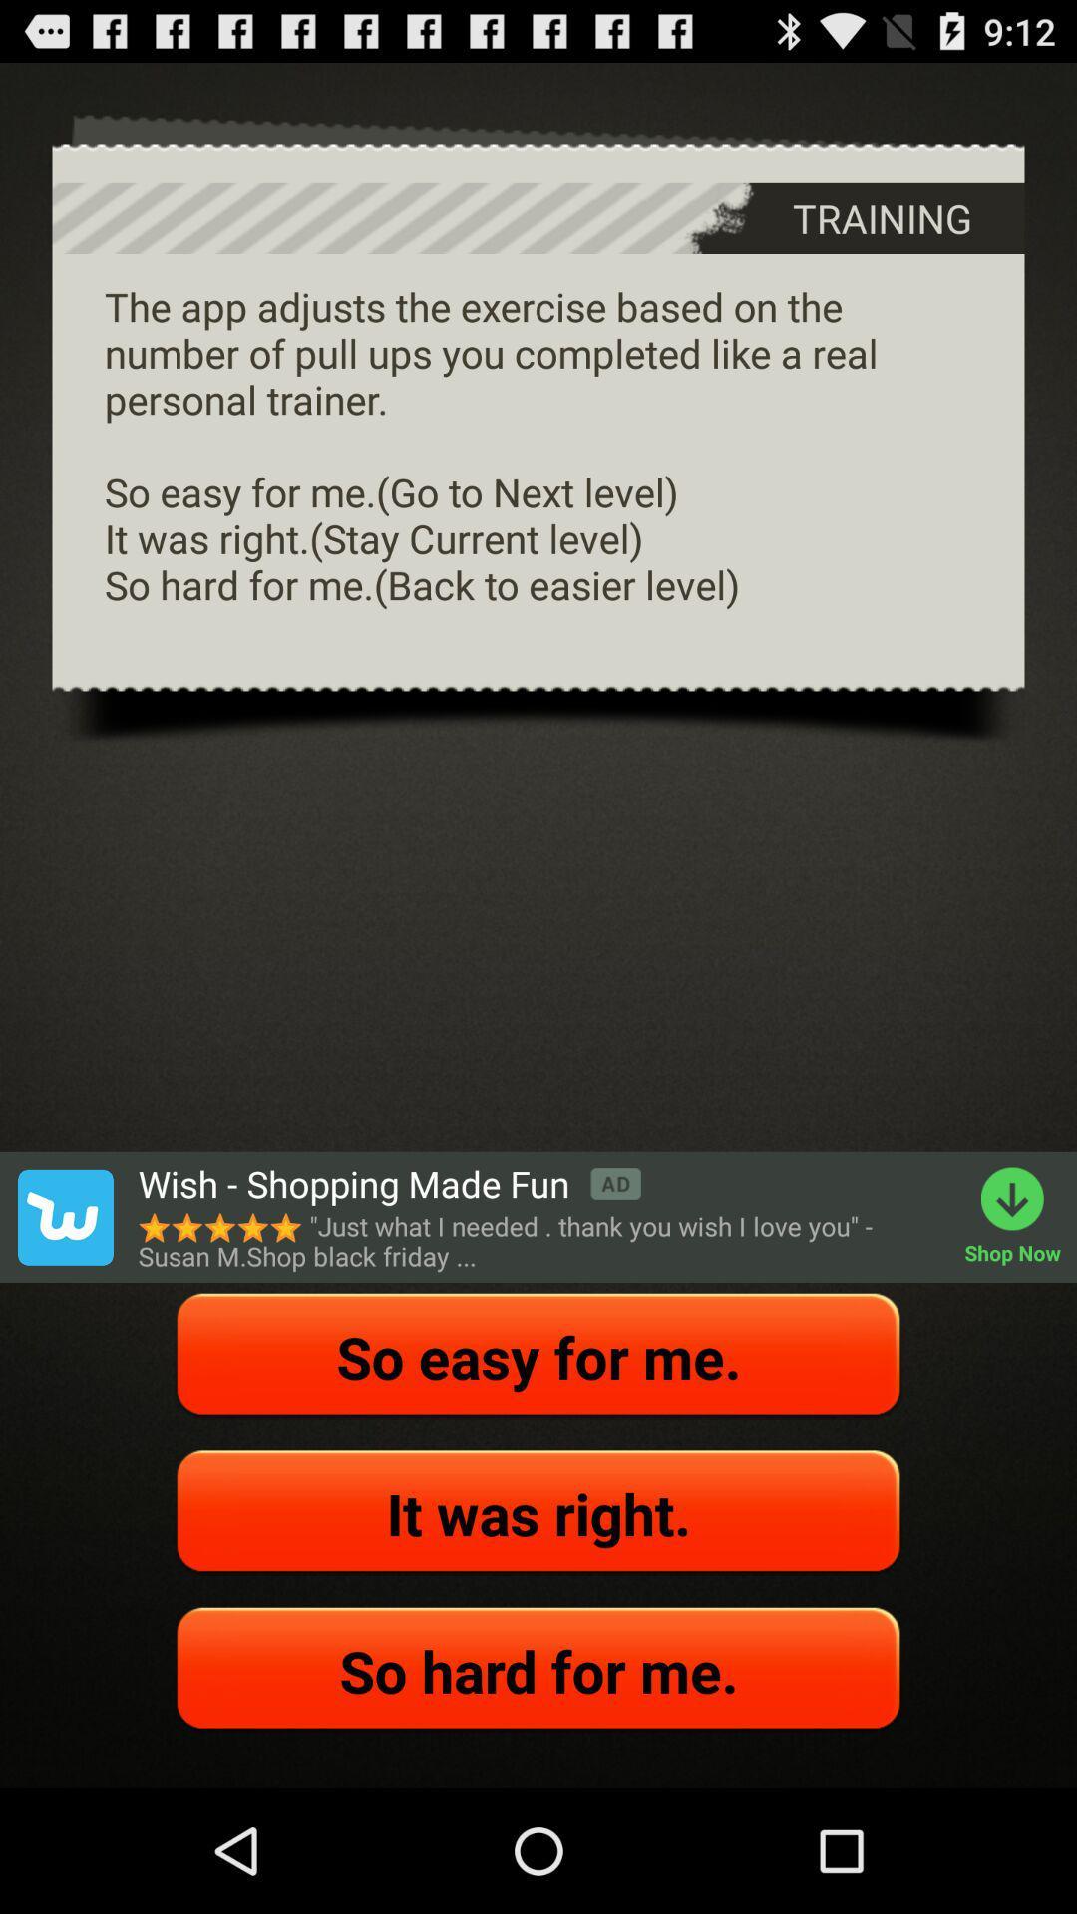 The height and width of the screenshot is (1914, 1077). I want to click on just what i item, so click(540, 1240).